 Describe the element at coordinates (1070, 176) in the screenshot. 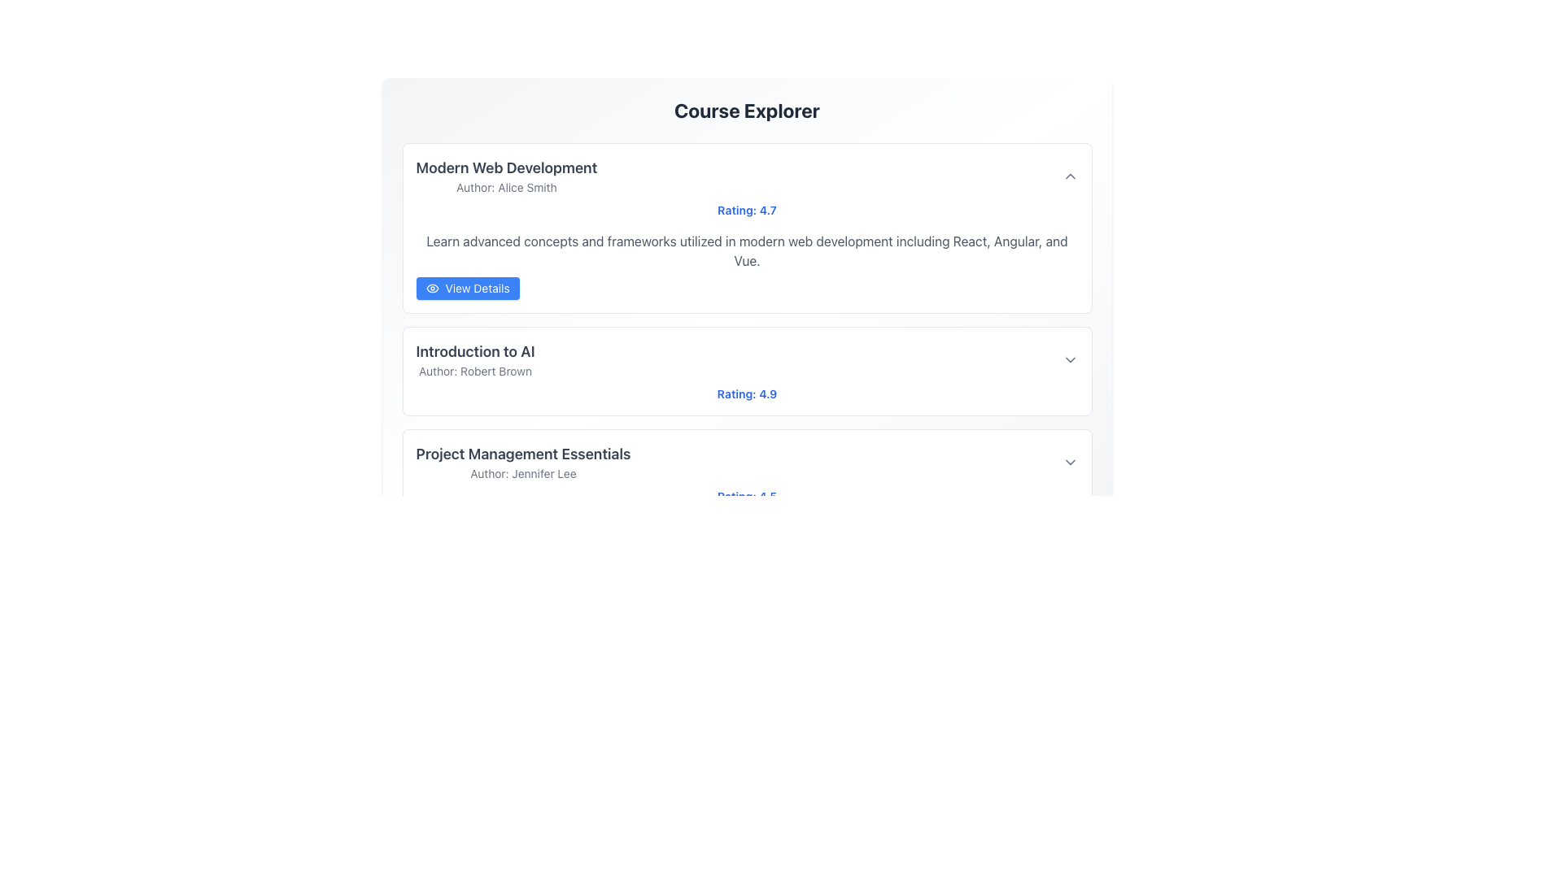

I see `the small upward-facing chevron icon in the header section of the 'Modern Web Development' course by 'Alice Smith'` at that location.